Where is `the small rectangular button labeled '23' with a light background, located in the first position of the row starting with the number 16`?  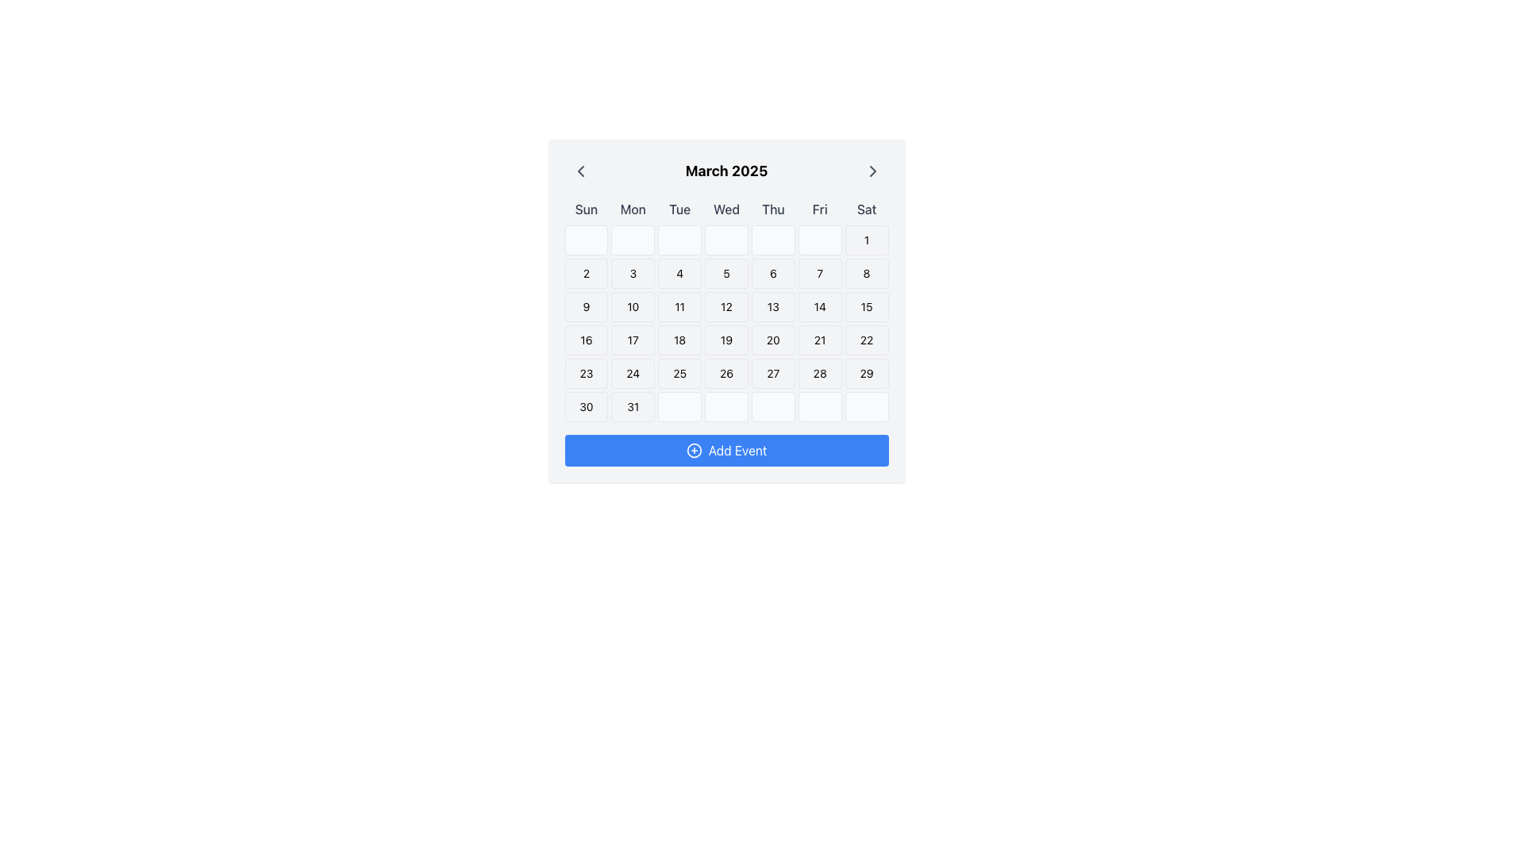
the small rectangular button labeled '23' with a light background, located in the first position of the row starting with the number 16 is located at coordinates (586, 373).